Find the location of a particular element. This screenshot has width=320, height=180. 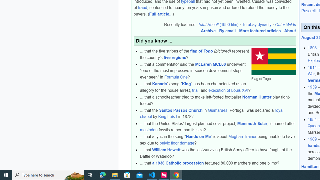

'Outer Wilds' is located at coordinates (285, 24).